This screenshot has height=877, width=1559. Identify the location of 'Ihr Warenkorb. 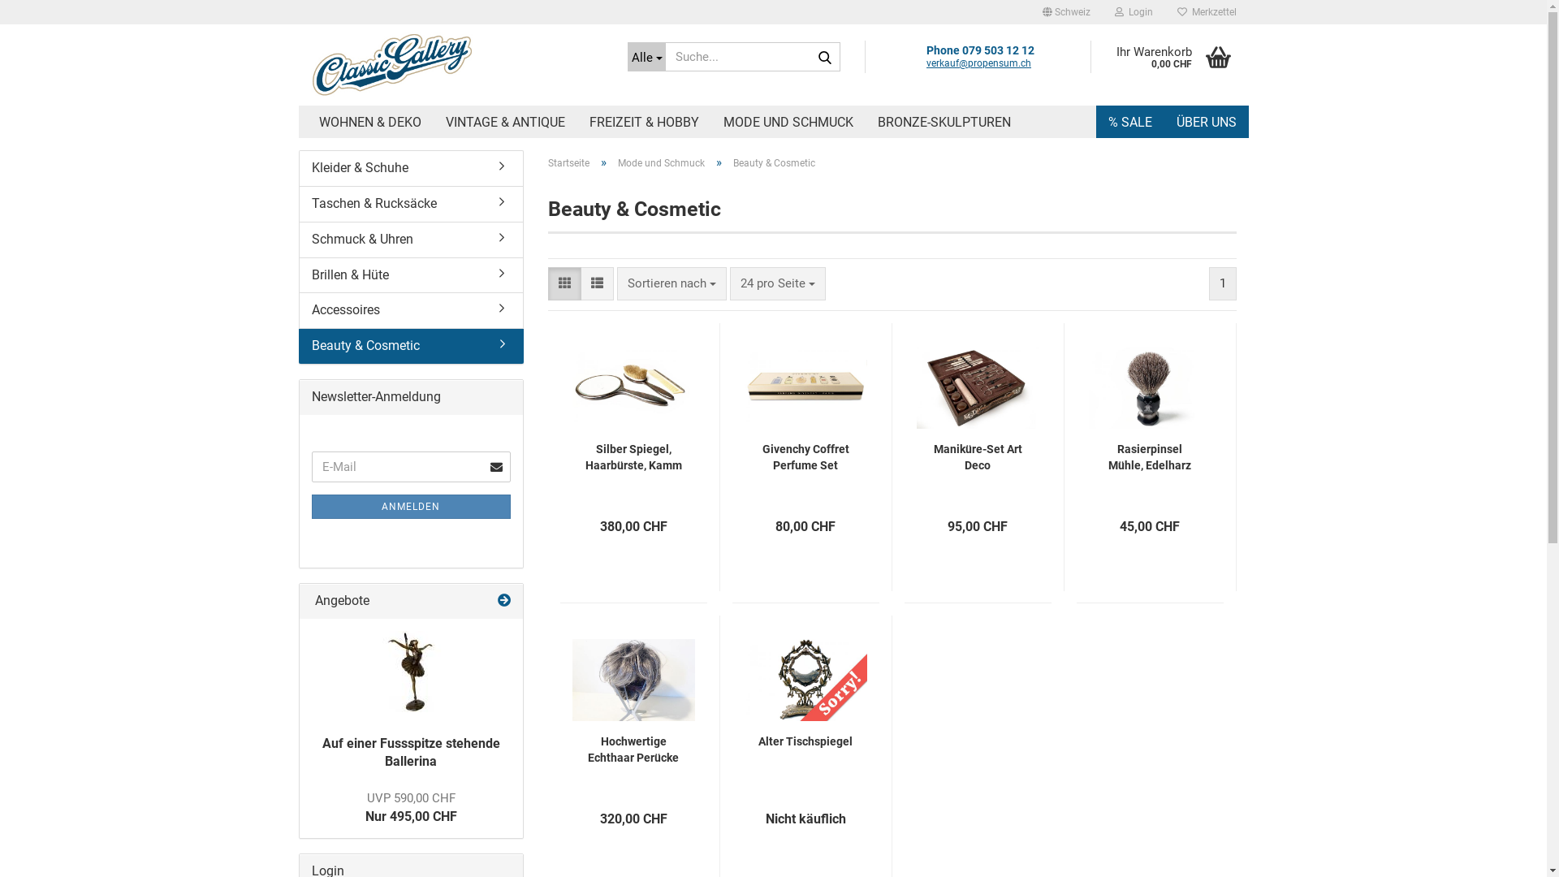
(1090, 55).